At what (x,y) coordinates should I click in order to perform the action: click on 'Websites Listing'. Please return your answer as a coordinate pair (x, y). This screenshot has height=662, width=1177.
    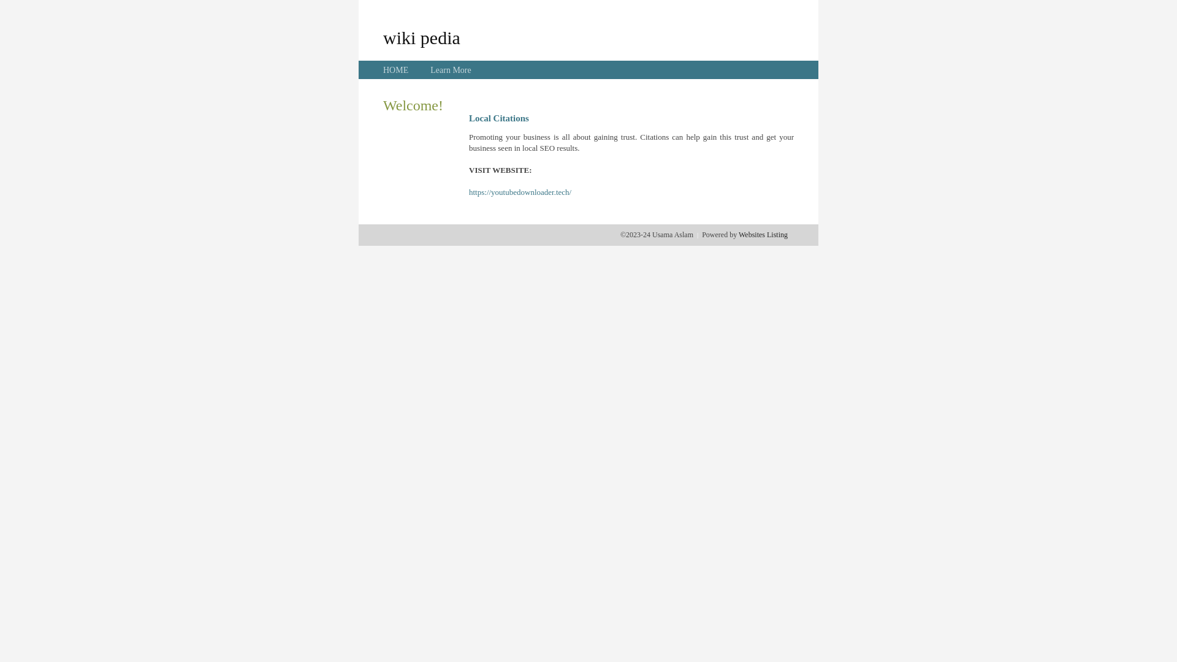
    Looking at the image, I should click on (762, 234).